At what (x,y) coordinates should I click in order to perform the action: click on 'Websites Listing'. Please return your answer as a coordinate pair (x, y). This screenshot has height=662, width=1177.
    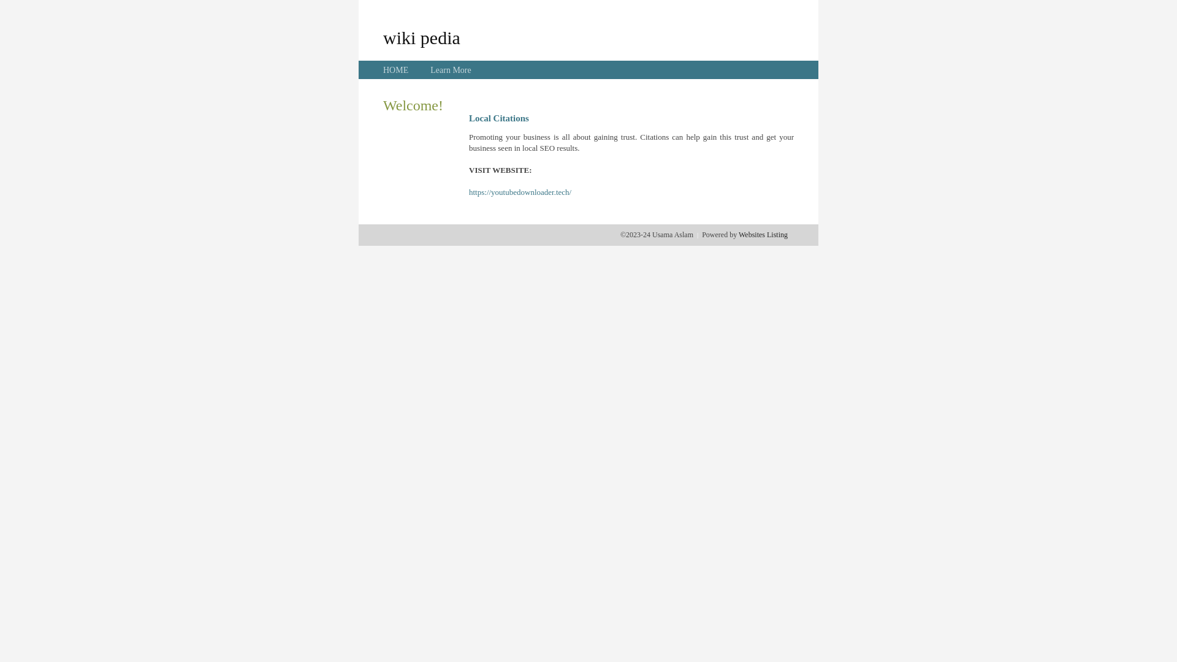
    Looking at the image, I should click on (762, 234).